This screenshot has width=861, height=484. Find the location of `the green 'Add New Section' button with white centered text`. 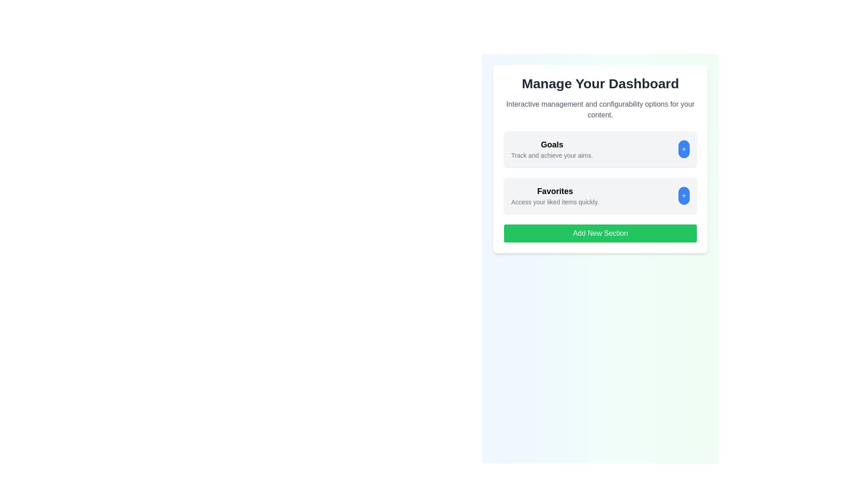

the green 'Add New Section' button with white centered text is located at coordinates (600, 233).